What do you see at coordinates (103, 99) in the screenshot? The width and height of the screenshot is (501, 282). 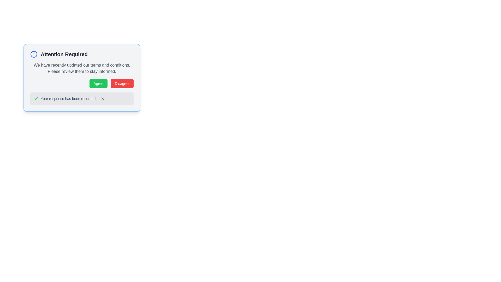 I see `the small 'X' icon button located in the bottom-right corner of the notification popup` at bounding box center [103, 99].